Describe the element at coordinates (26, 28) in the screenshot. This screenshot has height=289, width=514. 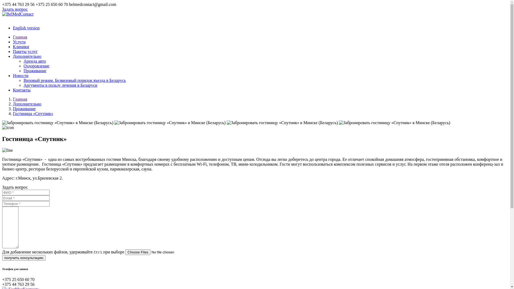
I see `'English version'` at that location.